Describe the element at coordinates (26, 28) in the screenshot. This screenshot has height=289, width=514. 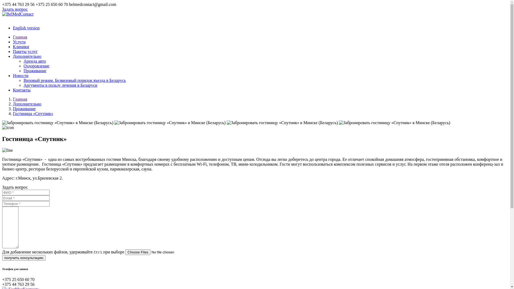
I see `'English version'` at that location.